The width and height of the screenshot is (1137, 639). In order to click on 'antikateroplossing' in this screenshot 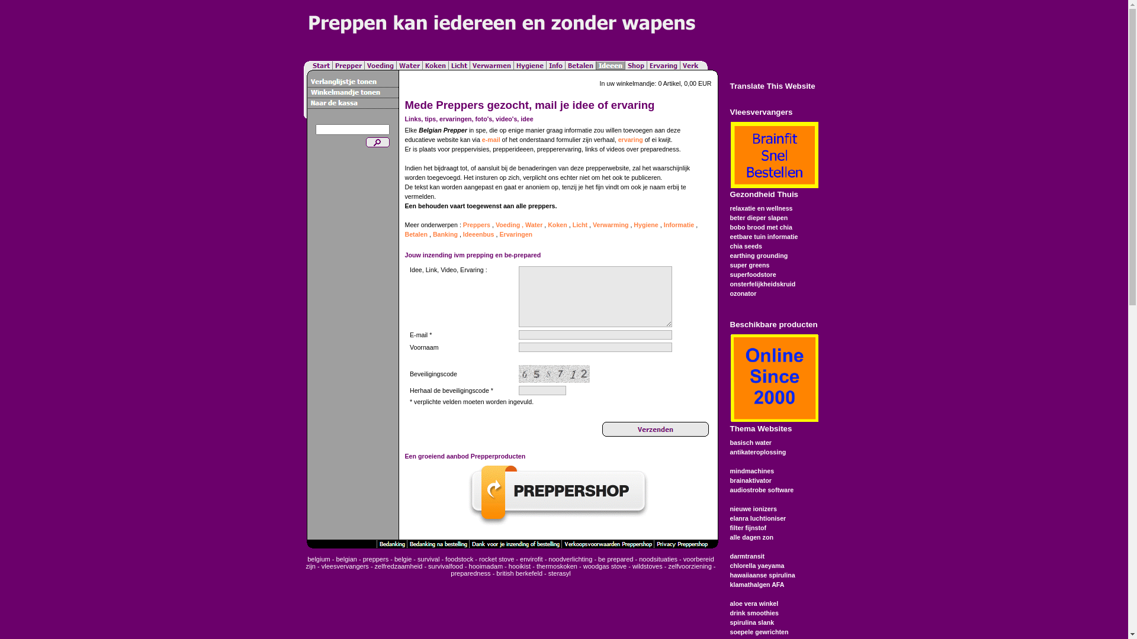, I will do `click(729, 451)`.